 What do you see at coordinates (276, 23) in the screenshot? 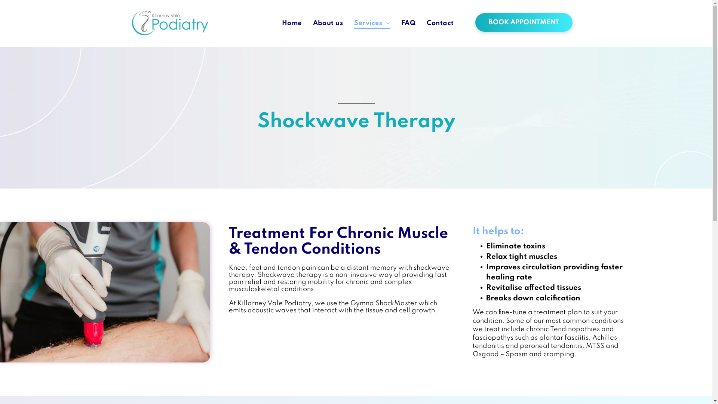
I see `'Home'` at bounding box center [276, 23].